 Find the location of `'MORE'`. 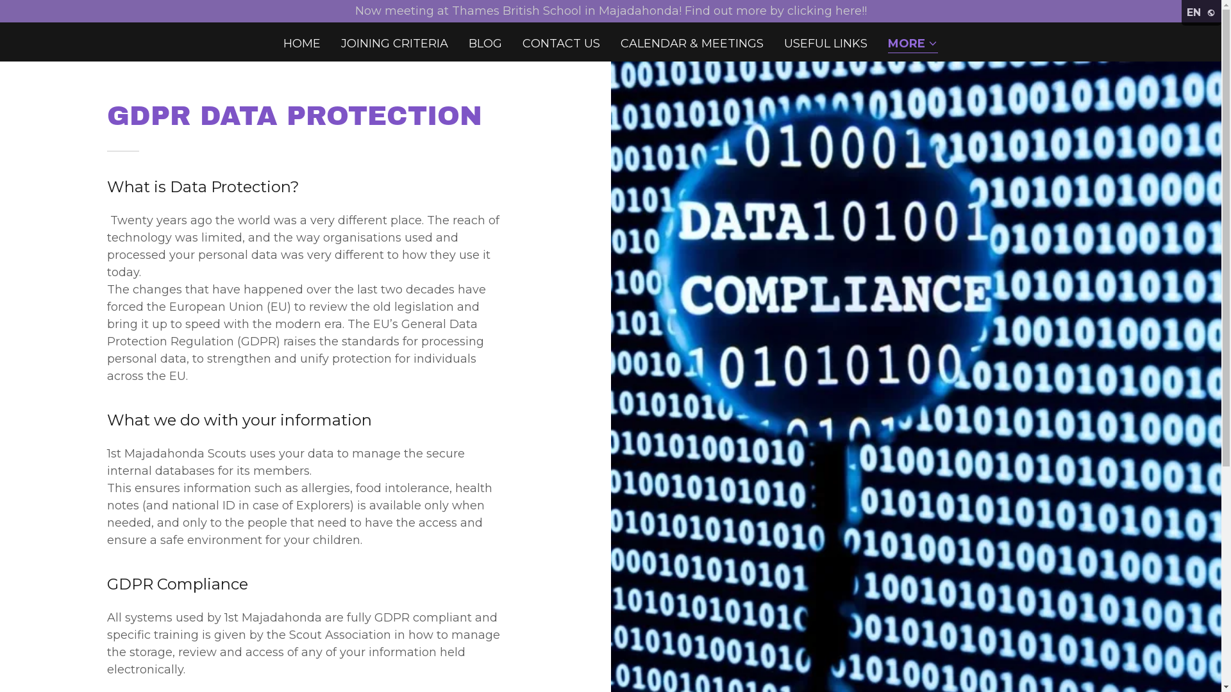

'MORE' is located at coordinates (912, 44).